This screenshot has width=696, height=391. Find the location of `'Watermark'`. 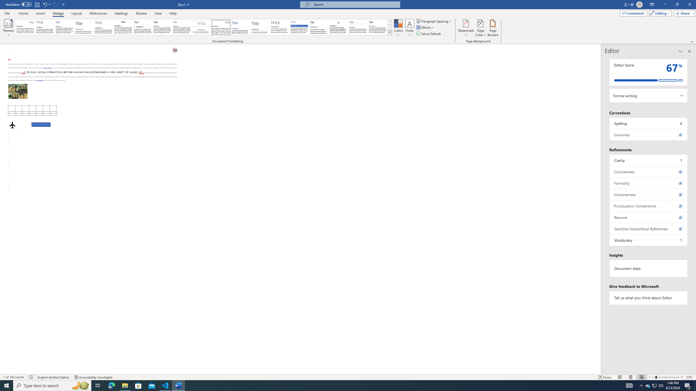

'Watermark' is located at coordinates (465, 28).